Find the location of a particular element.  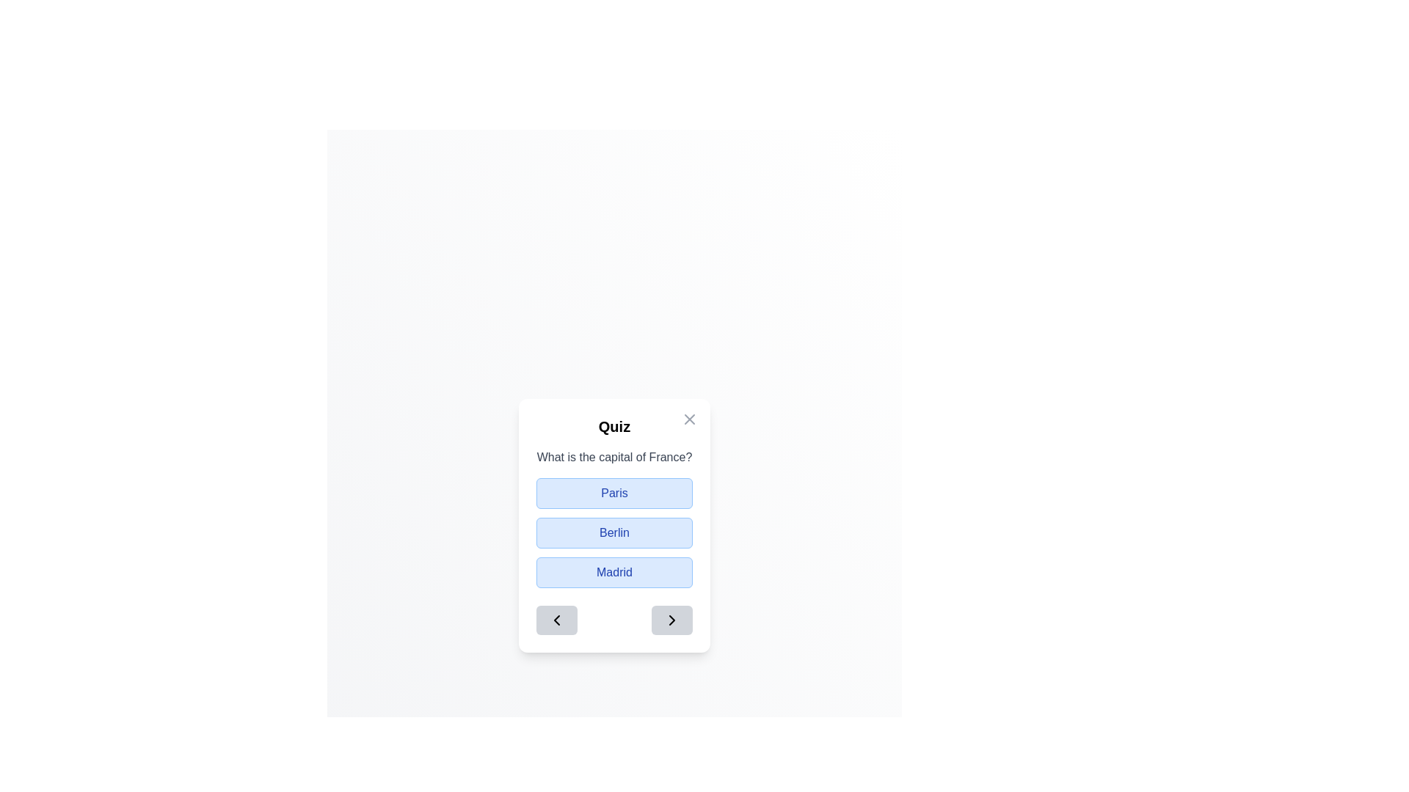

the static text header indicating the quiz topic within the quiz interface, positioned above the question 'What is the capital of France?' and below an interactive button in the top-right corner is located at coordinates (614, 427).